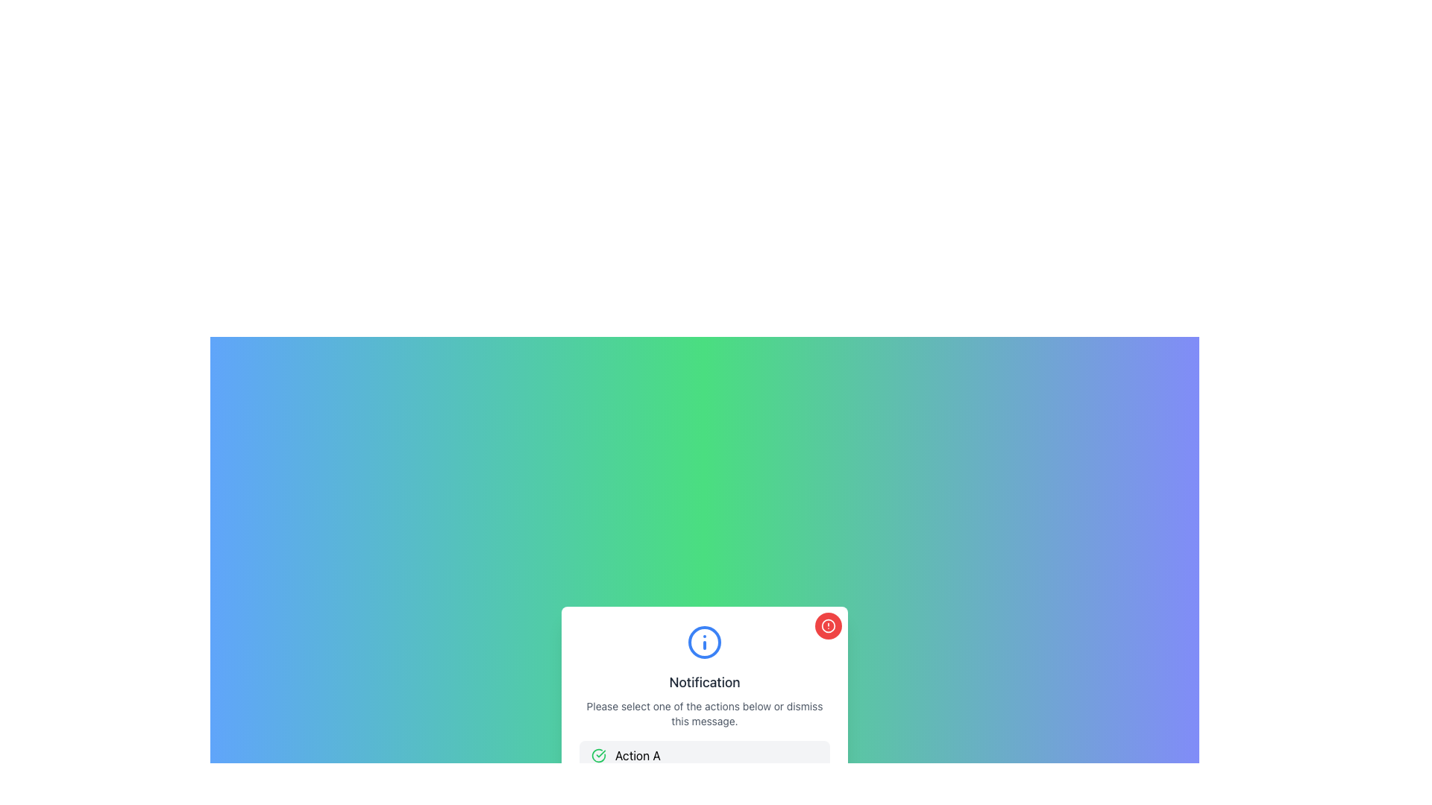  I want to click on the instructional text located at the bottom of the centered notification box, directly below the heading 'Notification', so click(704, 713).